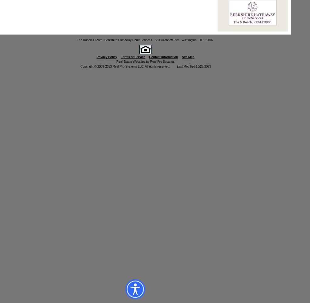 This screenshot has height=303, width=310. What do you see at coordinates (209, 40) in the screenshot?
I see `'19807'` at bounding box center [209, 40].